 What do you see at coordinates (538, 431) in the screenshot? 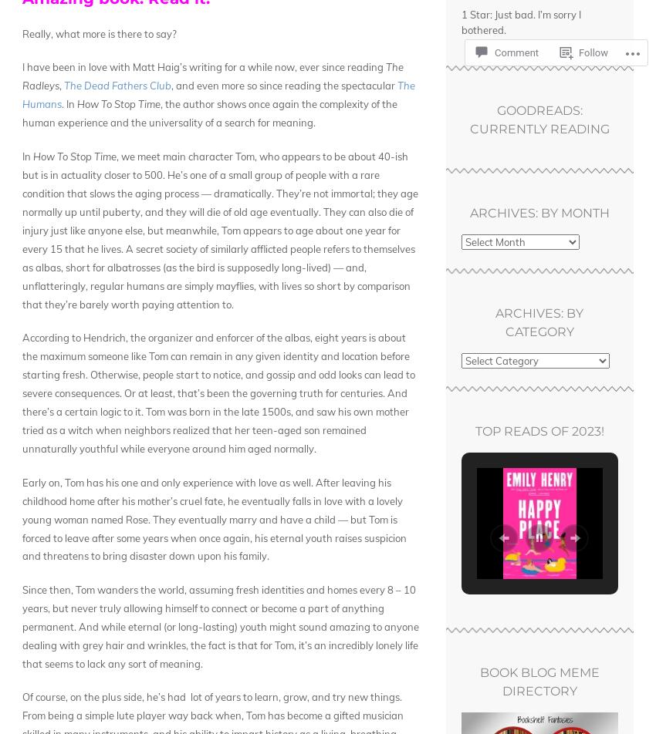
I see `'Top Reads of 2023!'` at bounding box center [538, 431].